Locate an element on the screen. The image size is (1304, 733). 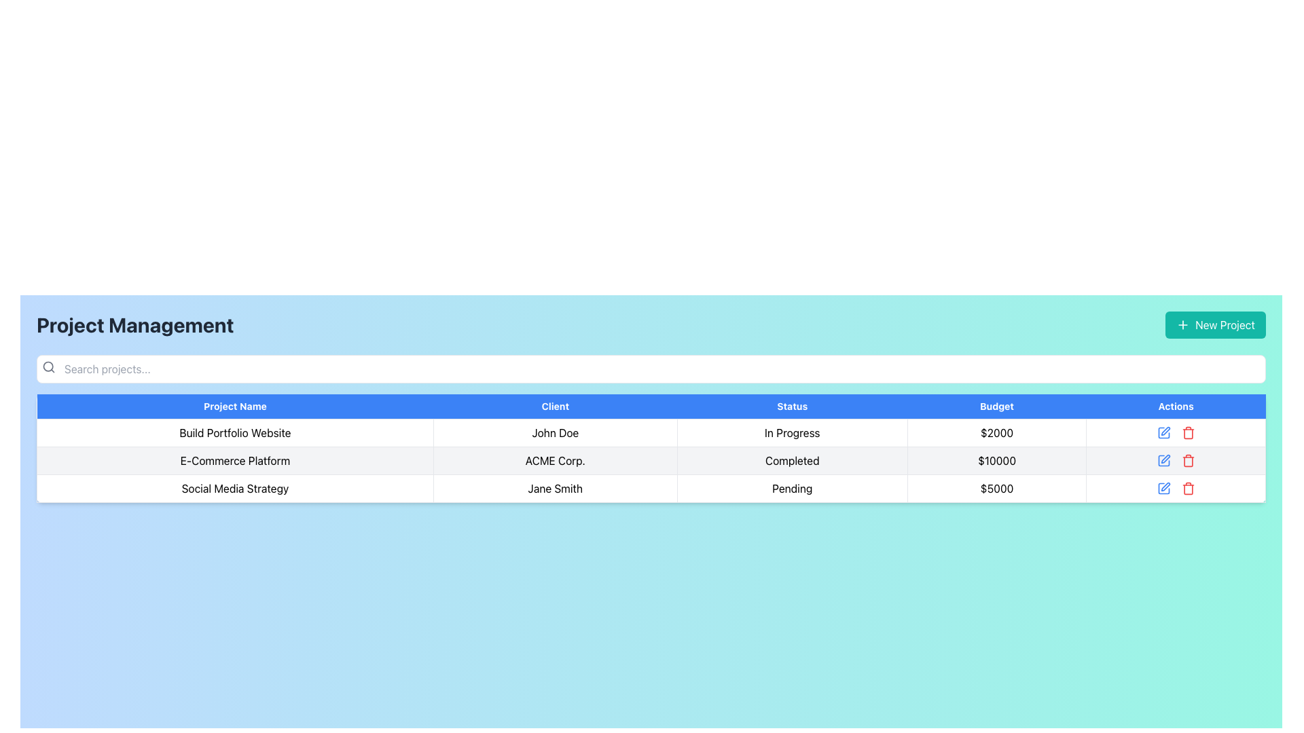
the text label that serves as the header for project names, which is the leftmost among the headers in the data table is located at coordinates (235, 406).